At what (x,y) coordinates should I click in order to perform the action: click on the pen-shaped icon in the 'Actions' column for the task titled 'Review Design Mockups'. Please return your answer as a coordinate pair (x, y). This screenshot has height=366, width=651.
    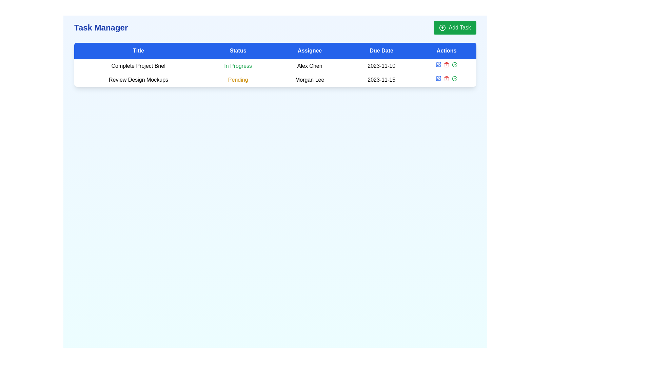
    Looking at the image, I should click on (439, 78).